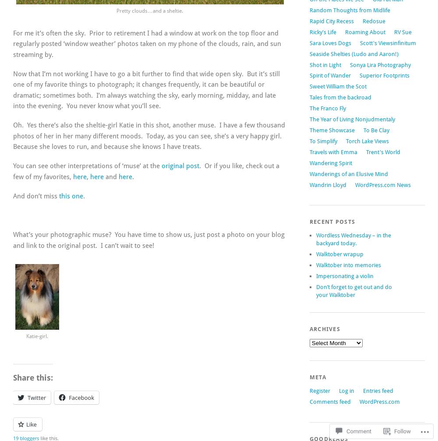 The height and width of the screenshot is (441, 438). What do you see at coordinates (111, 176) in the screenshot?
I see `'and'` at bounding box center [111, 176].